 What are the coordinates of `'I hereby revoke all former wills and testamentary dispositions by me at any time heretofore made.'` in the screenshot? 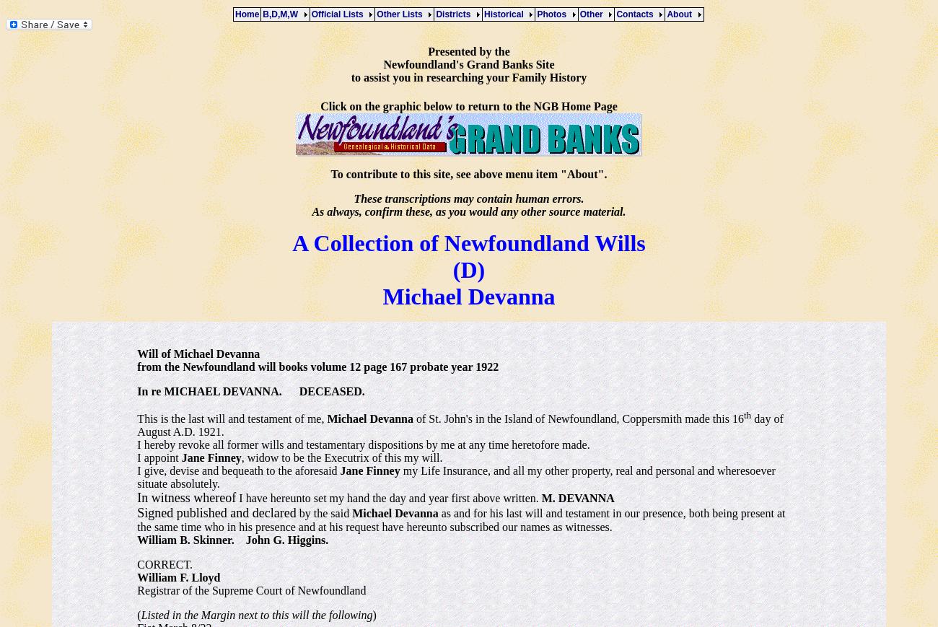 It's located at (363, 444).